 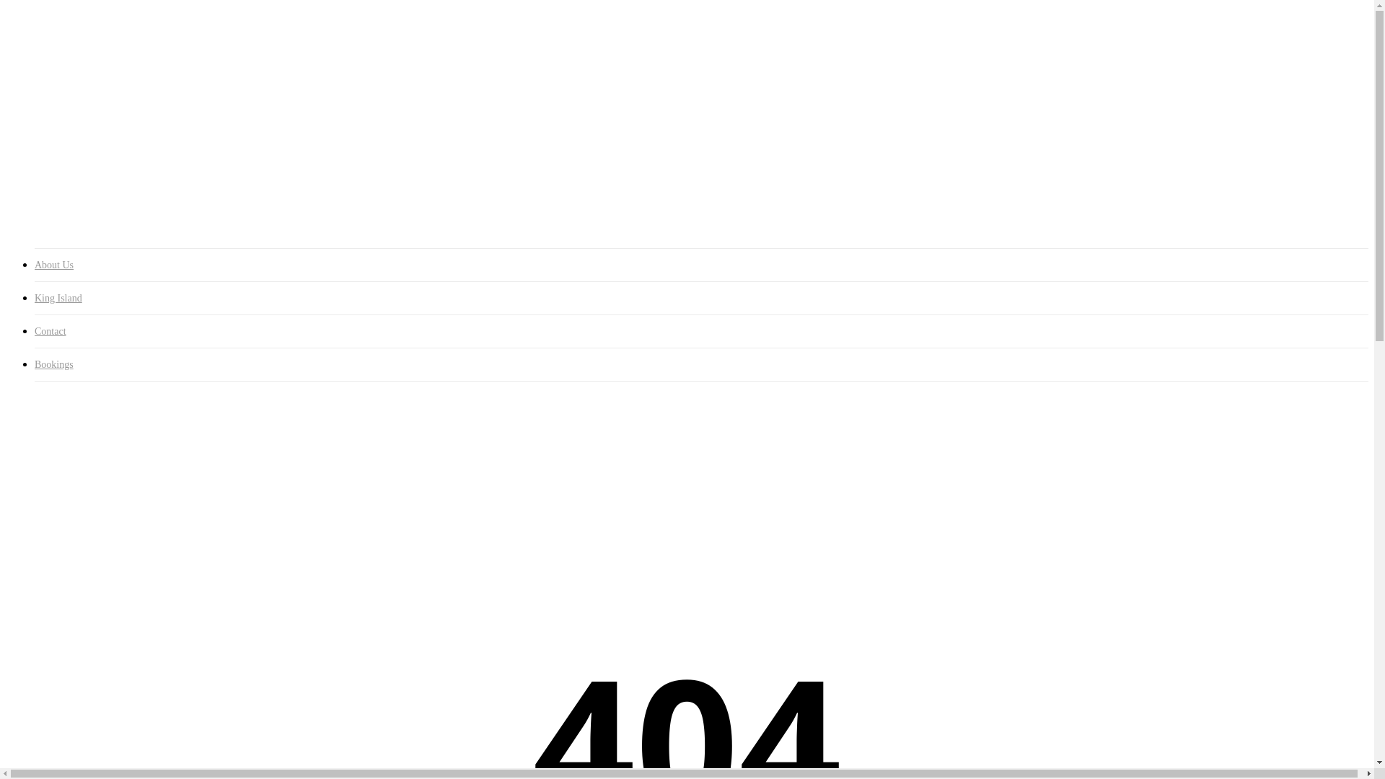 I want to click on 'Packages', so click(x=62, y=114).